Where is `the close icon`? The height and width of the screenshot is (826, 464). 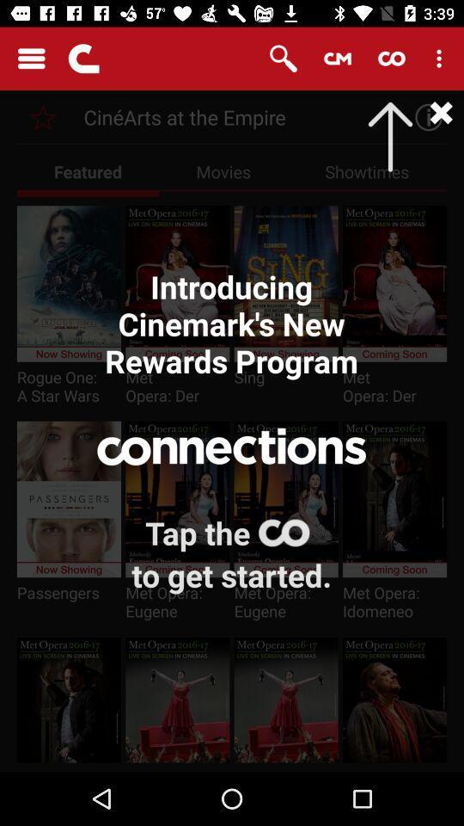
the close icon is located at coordinates (423, 116).